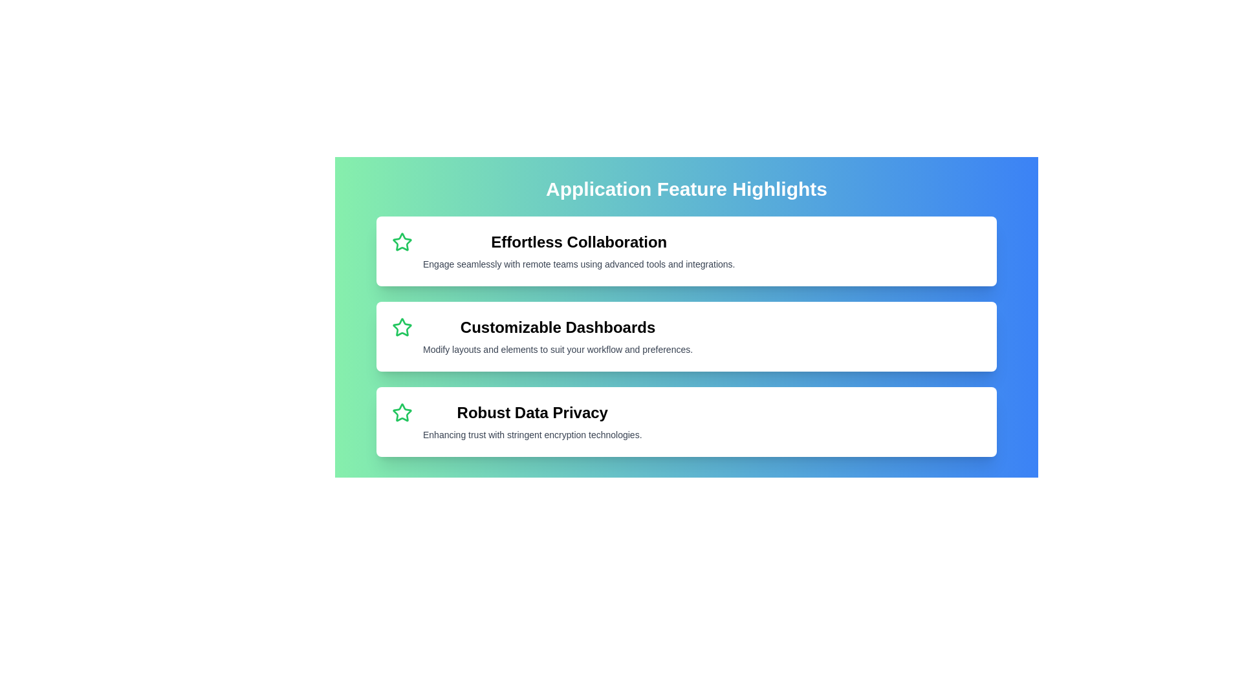 The image size is (1242, 698). What do you see at coordinates (402, 326) in the screenshot?
I see `the green star icon with a hollow center located next to the 'Customizable Dashboards' text in the middle panel of the vertically stacked list of features` at bounding box center [402, 326].